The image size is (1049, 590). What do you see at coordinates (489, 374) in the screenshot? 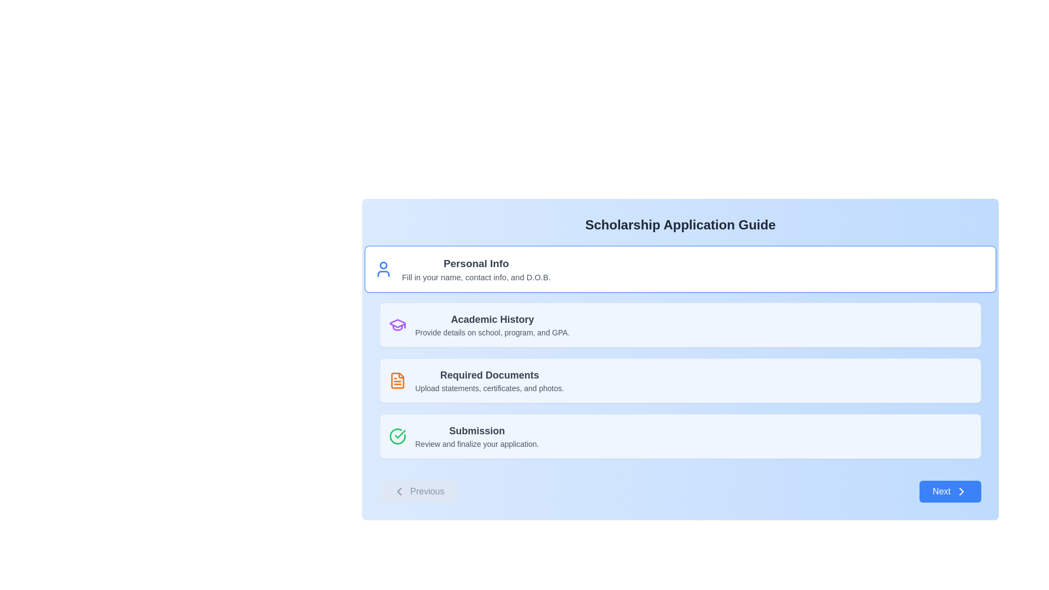
I see `the heading text 'Required Documents' which is centrally positioned above the text 'Upload statements, certificates, and photos'` at bounding box center [489, 374].